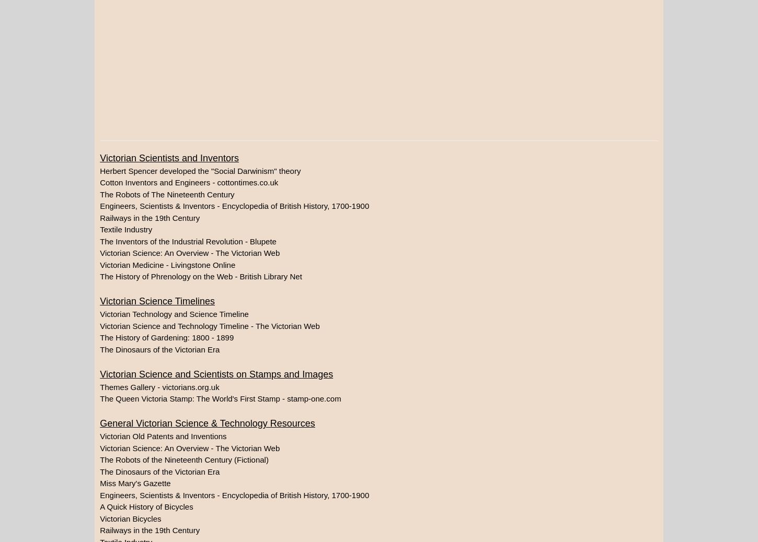 The image size is (758, 542). Describe the element at coordinates (146, 506) in the screenshot. I see `'A Quick History of Bicycles'` at that location.